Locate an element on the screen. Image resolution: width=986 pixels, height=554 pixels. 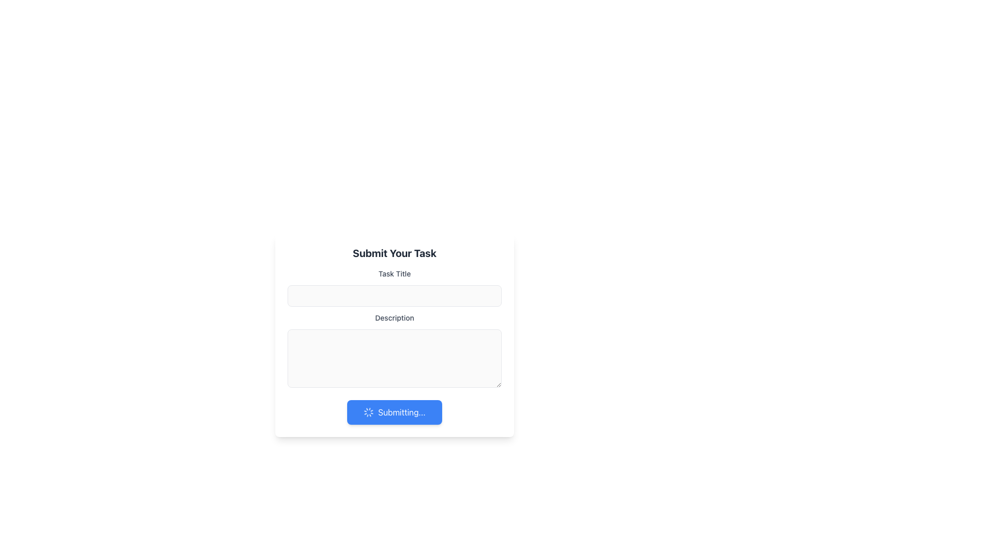
the submission button located at the bottom center of the form, which indicates form submission with the text 'Submitting...' and shows a spinning loader is located at coordinates (394, 411).